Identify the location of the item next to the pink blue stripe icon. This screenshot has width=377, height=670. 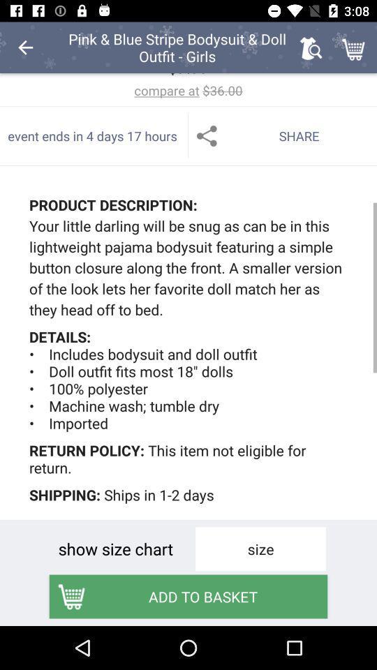
(311, 47).